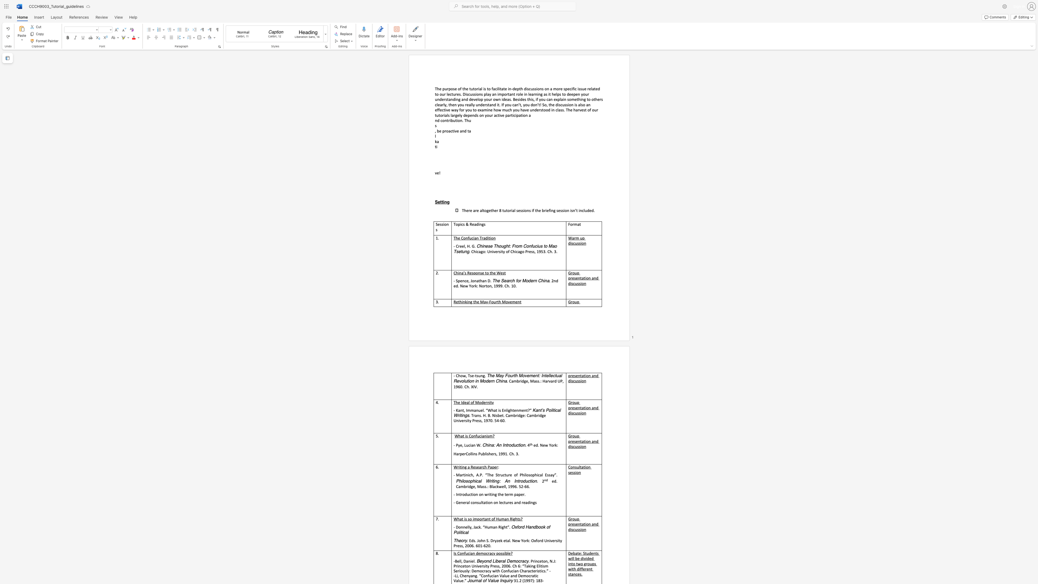 The image size is (1038, 584). Describe the element at coordinates (581, 210) in the screenshot. I see `the subset text "cl" within the text "There are altogether 8 tutorial sessions if the briefing session isn’t included."` at that location.